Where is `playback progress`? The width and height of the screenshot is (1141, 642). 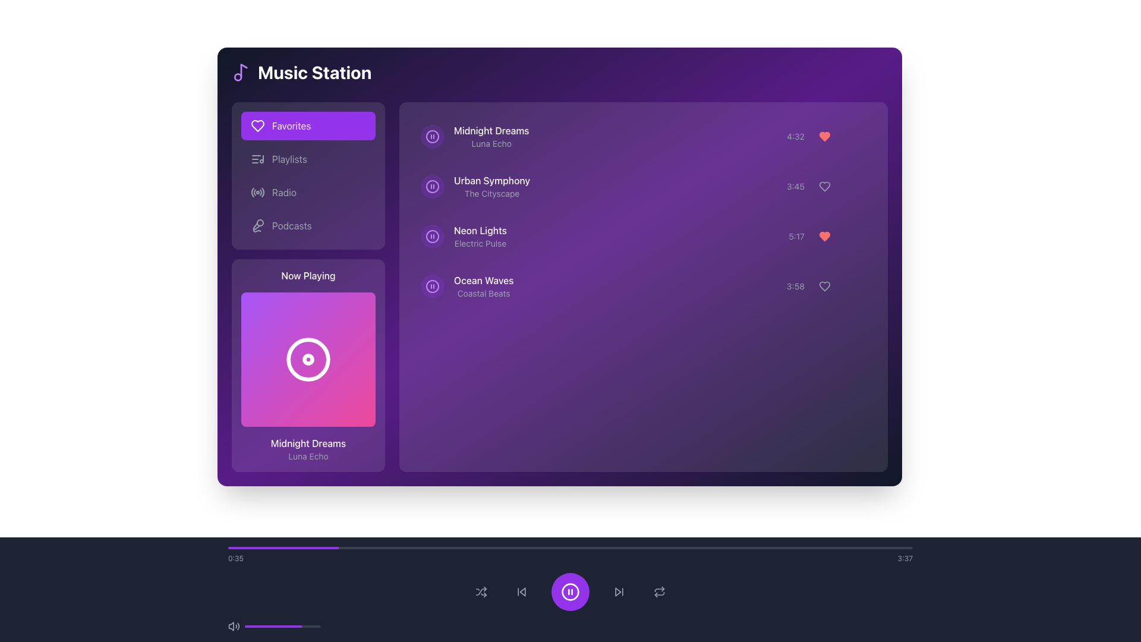 playback progress is located at coordinates (460, 547).